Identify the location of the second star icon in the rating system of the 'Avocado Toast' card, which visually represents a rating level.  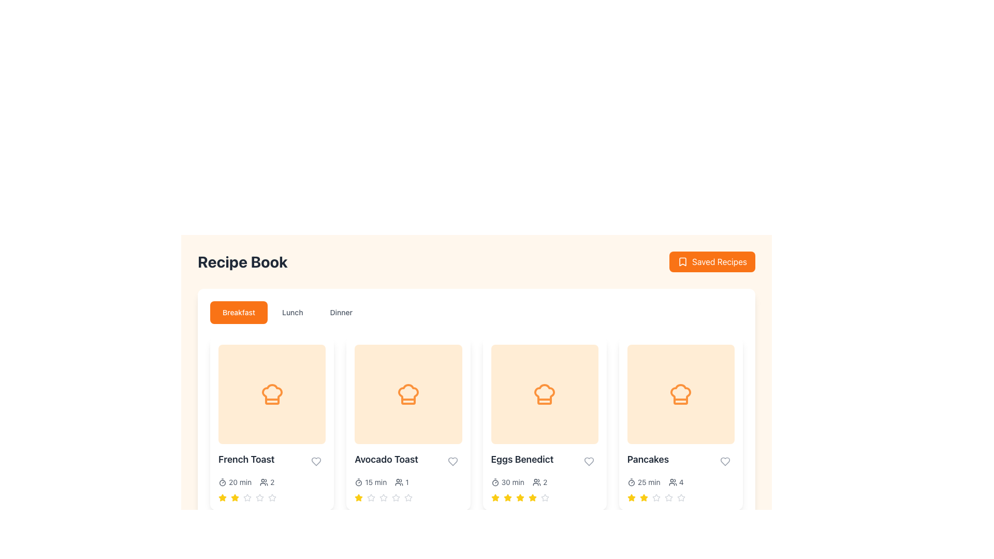
(371, 497).